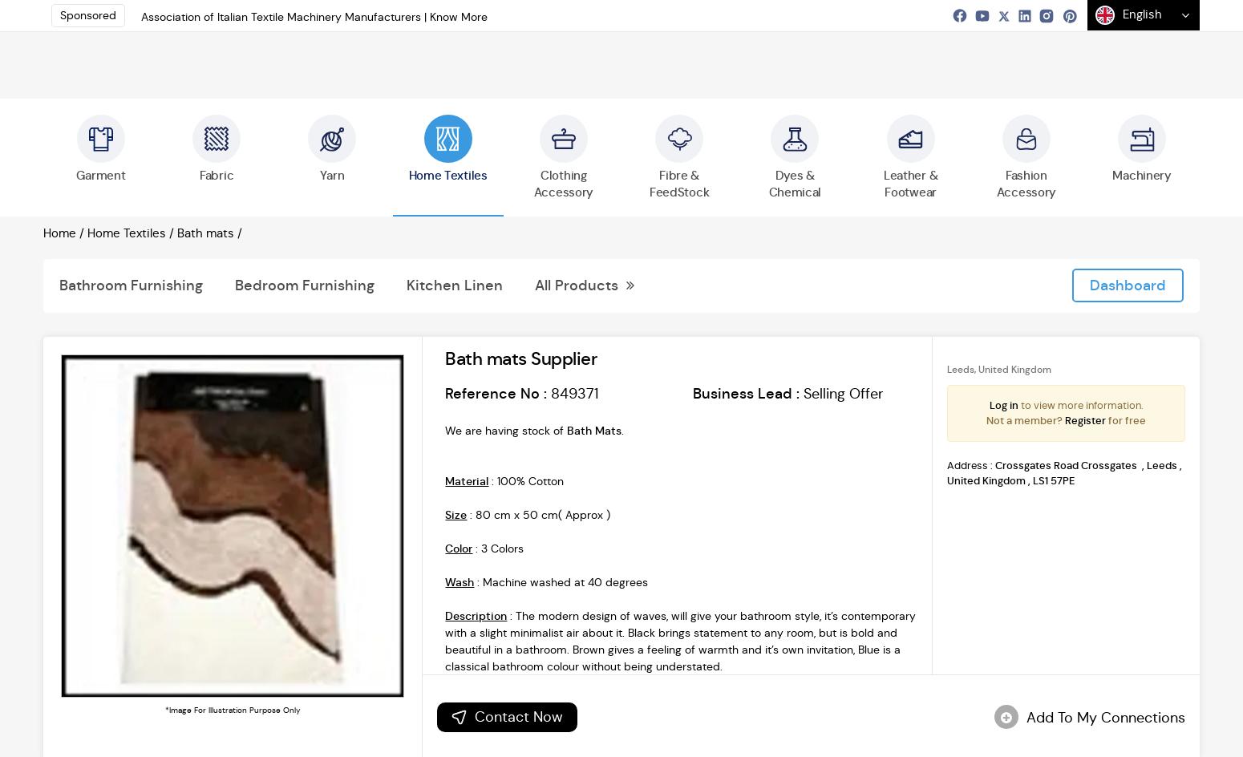  What do you see at coordinates (1102, 34) in the screenshot?
I see `'Sign In'` at bounding box center [1102, 34].